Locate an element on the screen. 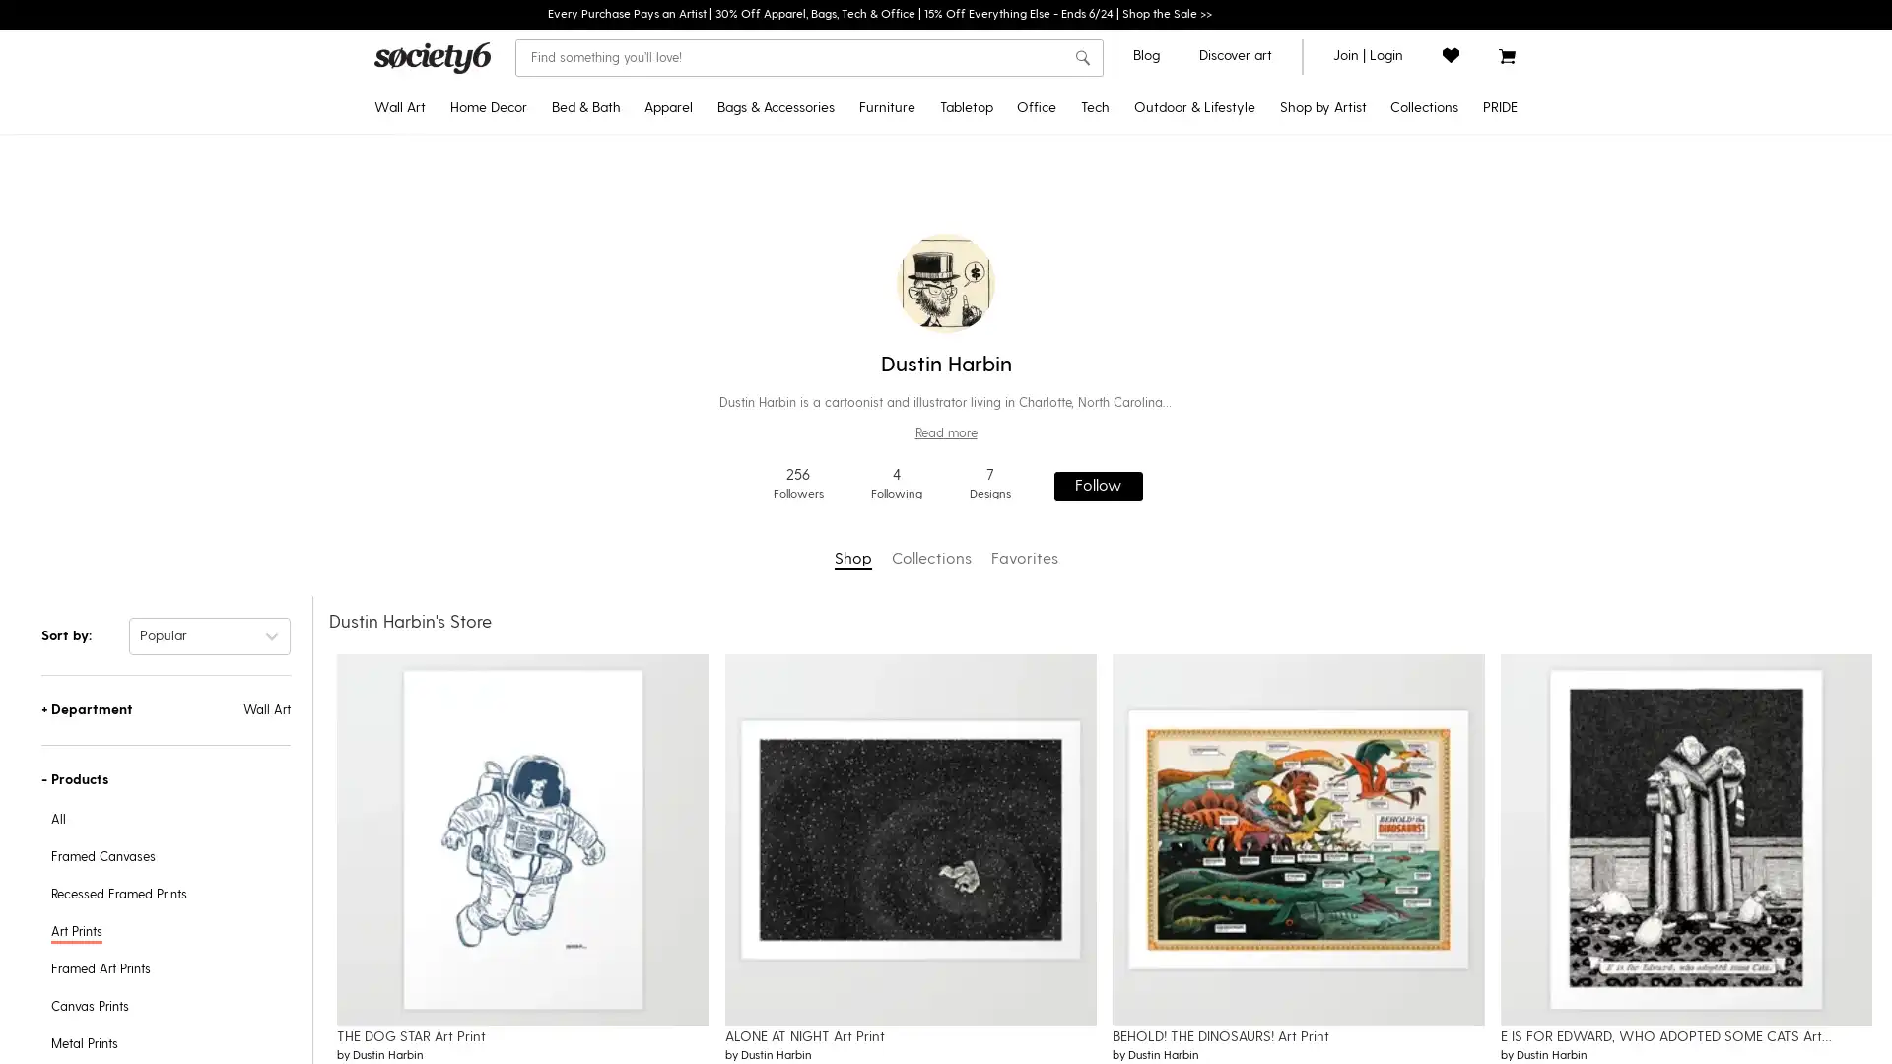  Sling Chairs is located at coordinates (1220, 507).